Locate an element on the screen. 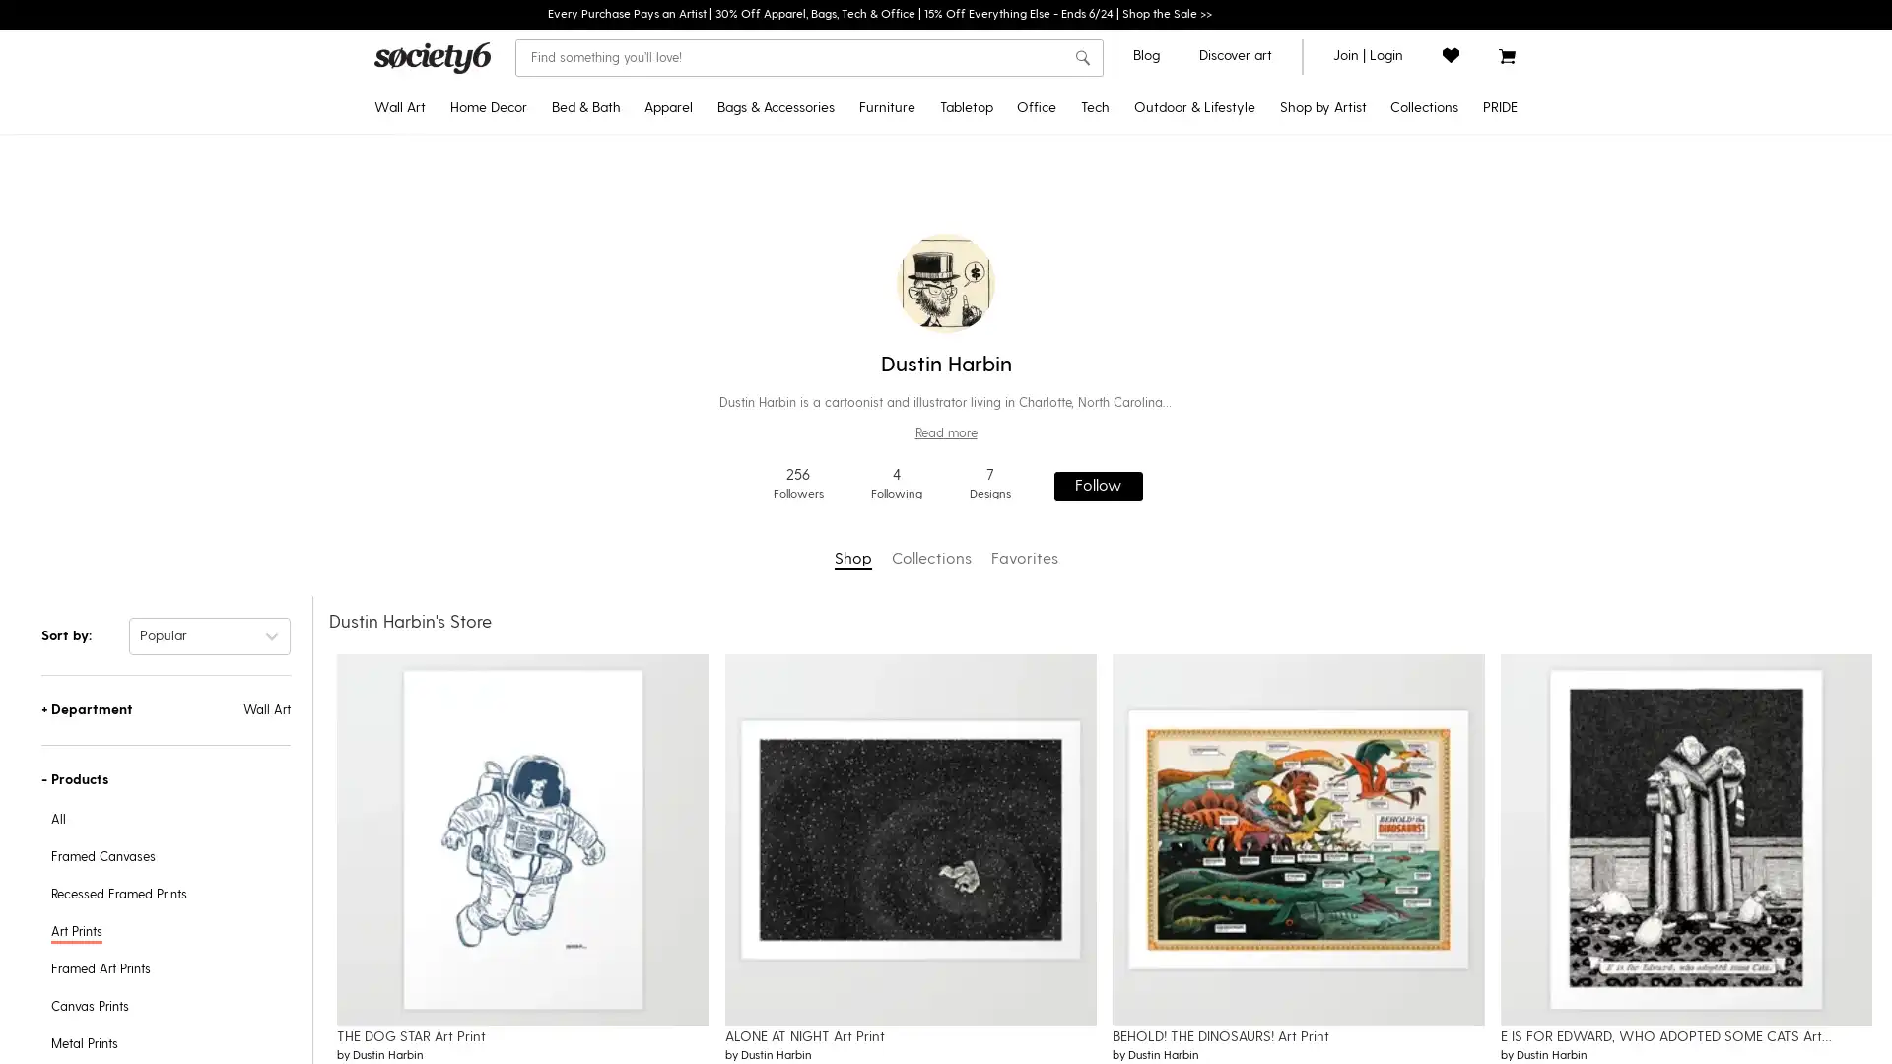  Sling Chairs is located at coordinates (1220, 507).